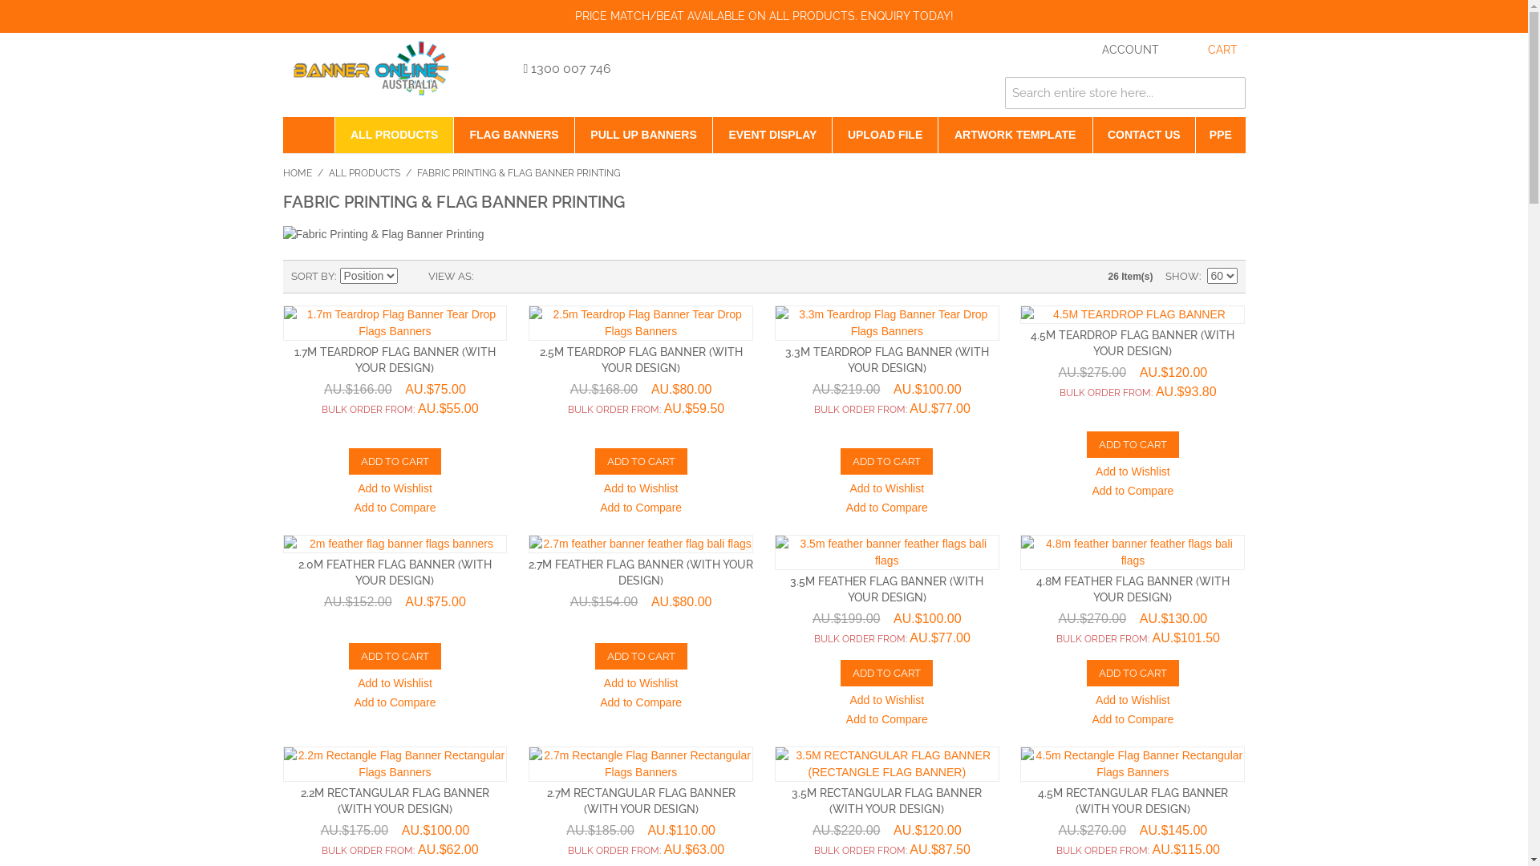  What do you see at coordinates (282, 134) in the screenshot?
I see `'Home'` at bounding box center [282, 134].